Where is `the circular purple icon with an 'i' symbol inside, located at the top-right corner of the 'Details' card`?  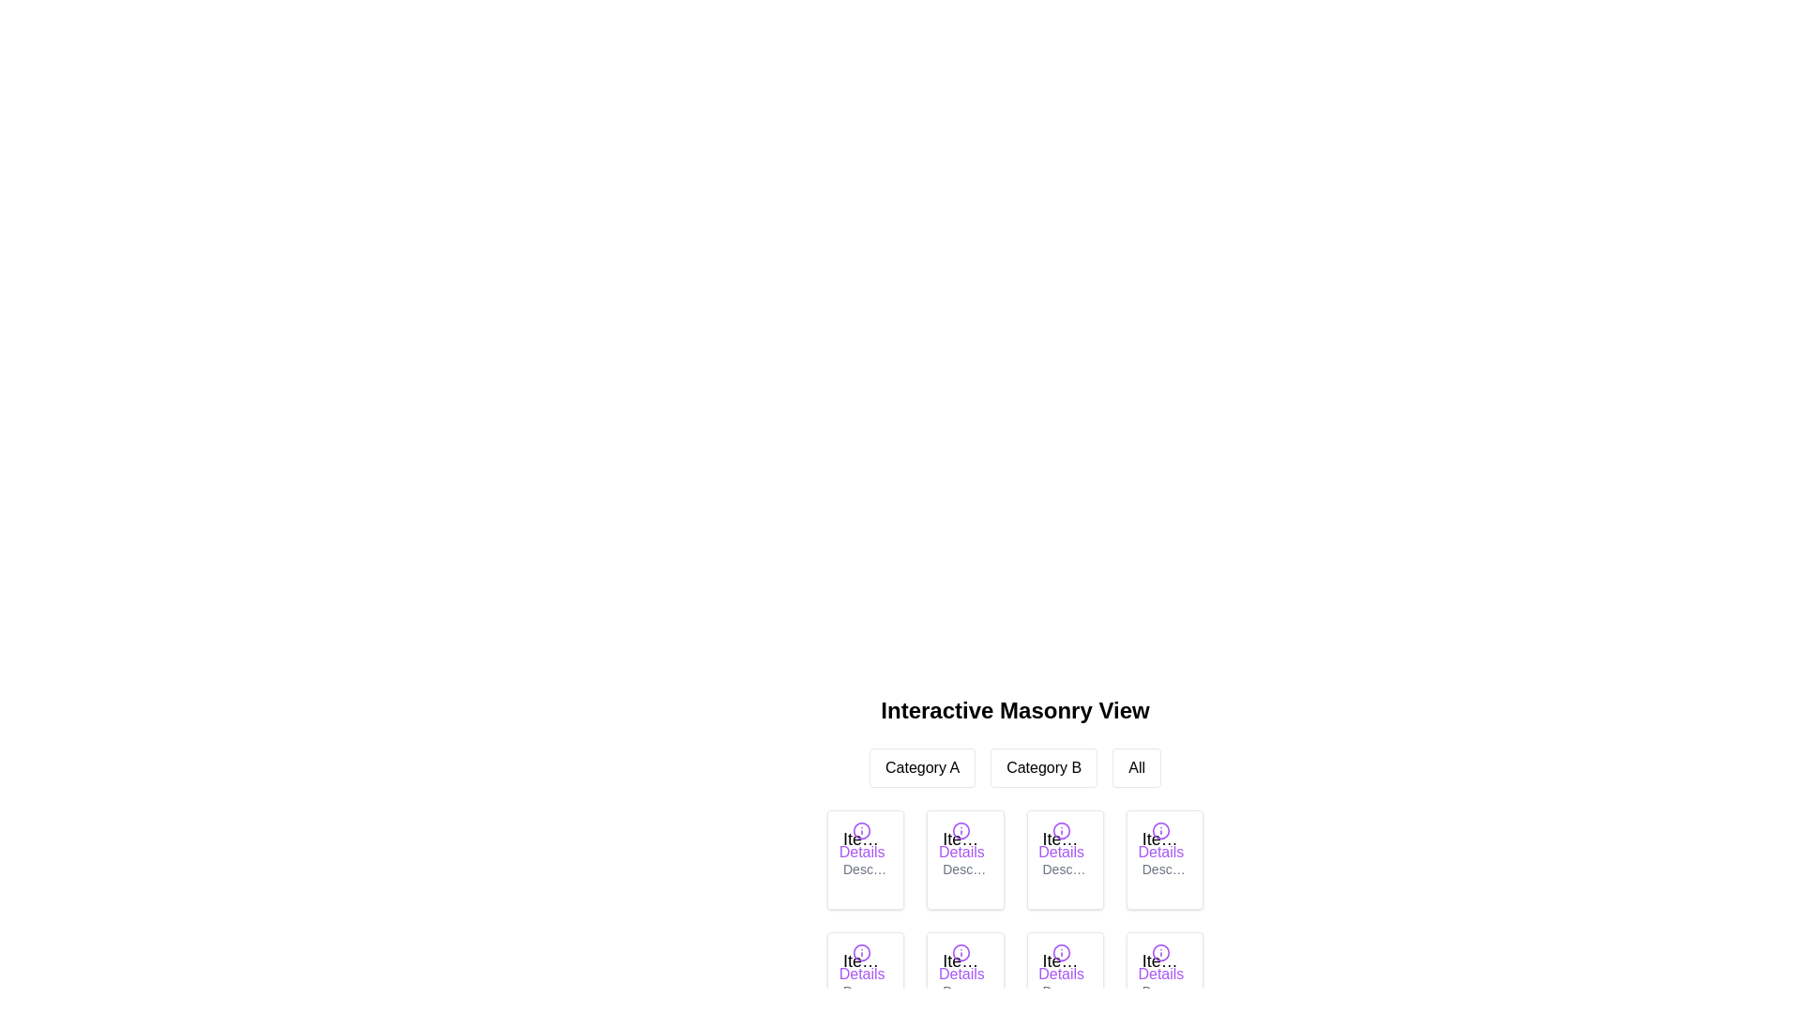 the circular purple icon with an 'i' symbol inside, located at the top-right corner of the 'Details' card is located at coordinates (861, 952).